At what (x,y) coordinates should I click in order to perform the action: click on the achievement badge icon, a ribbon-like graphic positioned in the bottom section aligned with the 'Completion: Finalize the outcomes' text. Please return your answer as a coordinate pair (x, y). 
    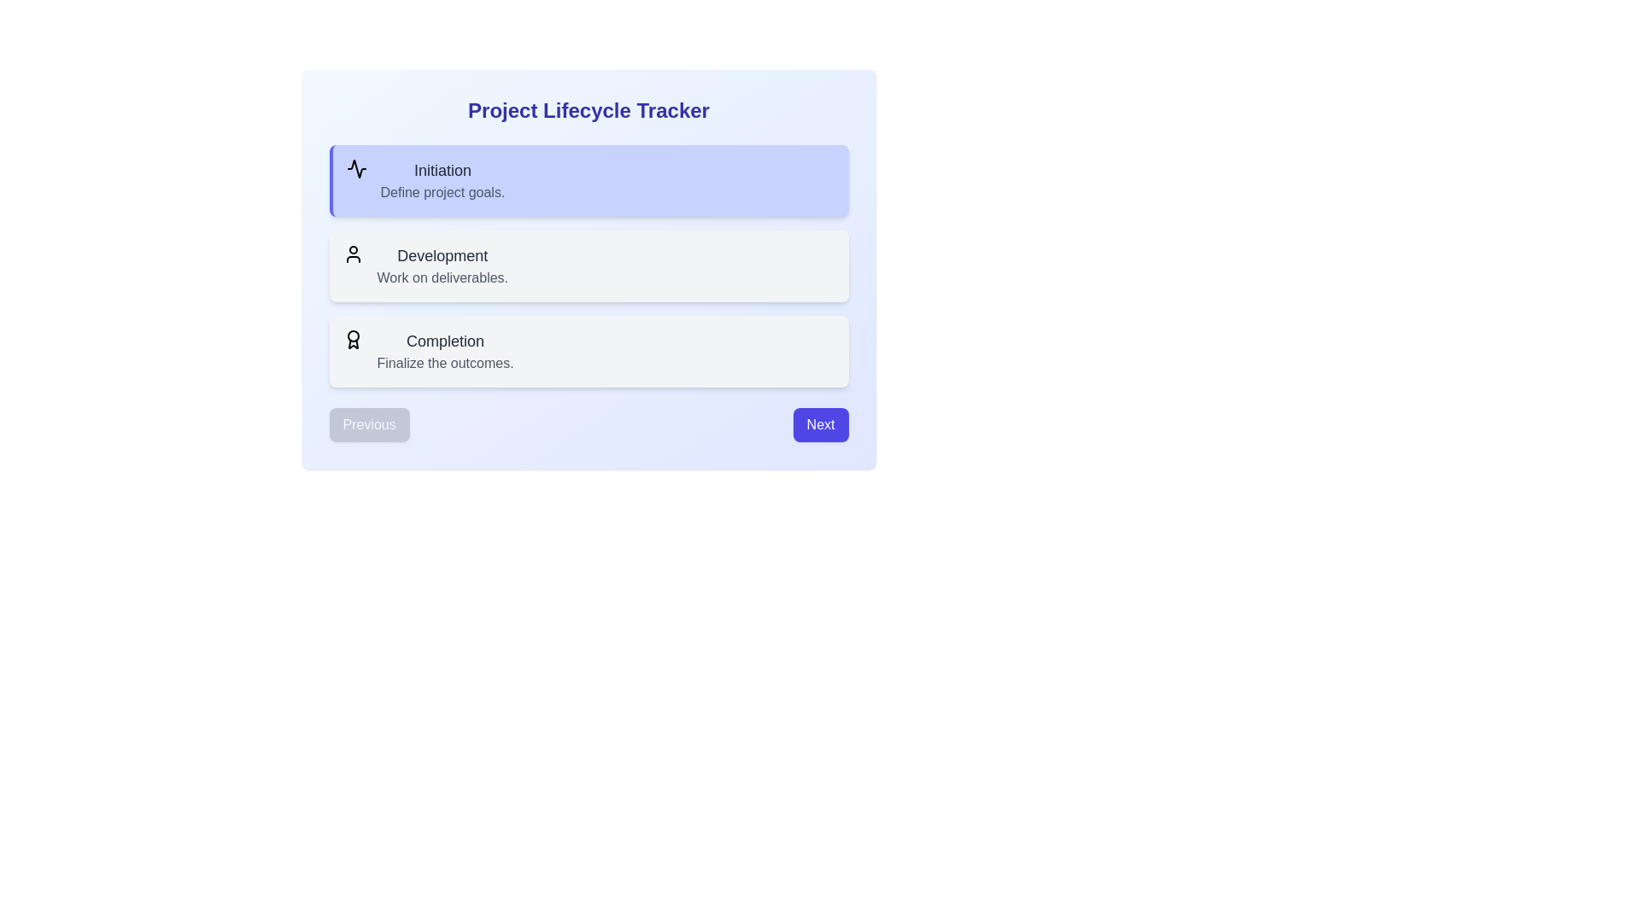
    Looking at the image, I should click on (352, 344).